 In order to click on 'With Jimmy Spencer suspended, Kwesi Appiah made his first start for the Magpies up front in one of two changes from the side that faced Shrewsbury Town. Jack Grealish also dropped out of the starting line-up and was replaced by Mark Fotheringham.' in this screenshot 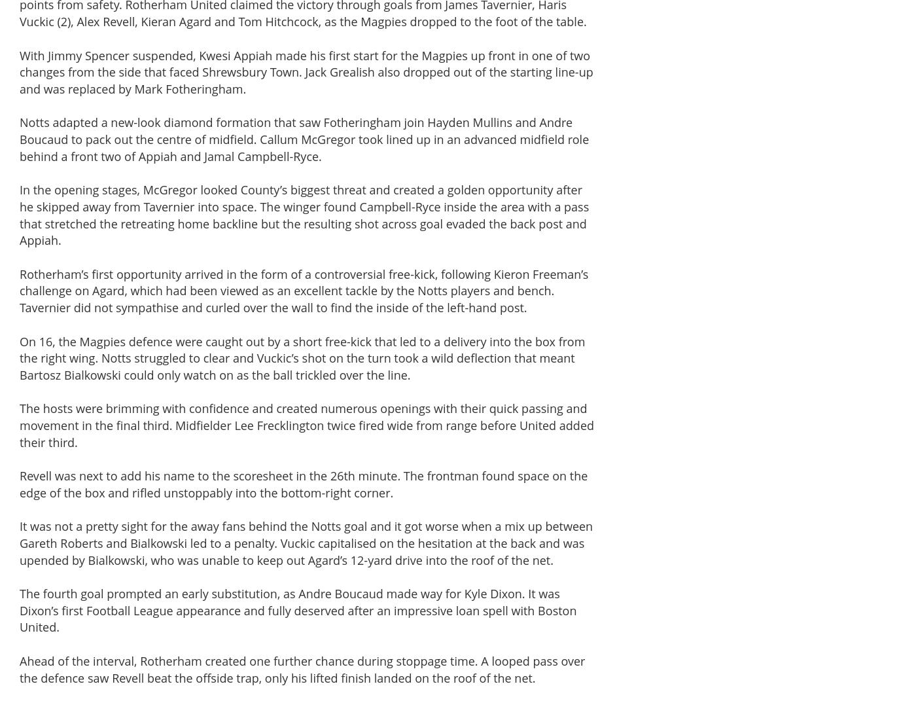, I will do `click(306, 71)`.